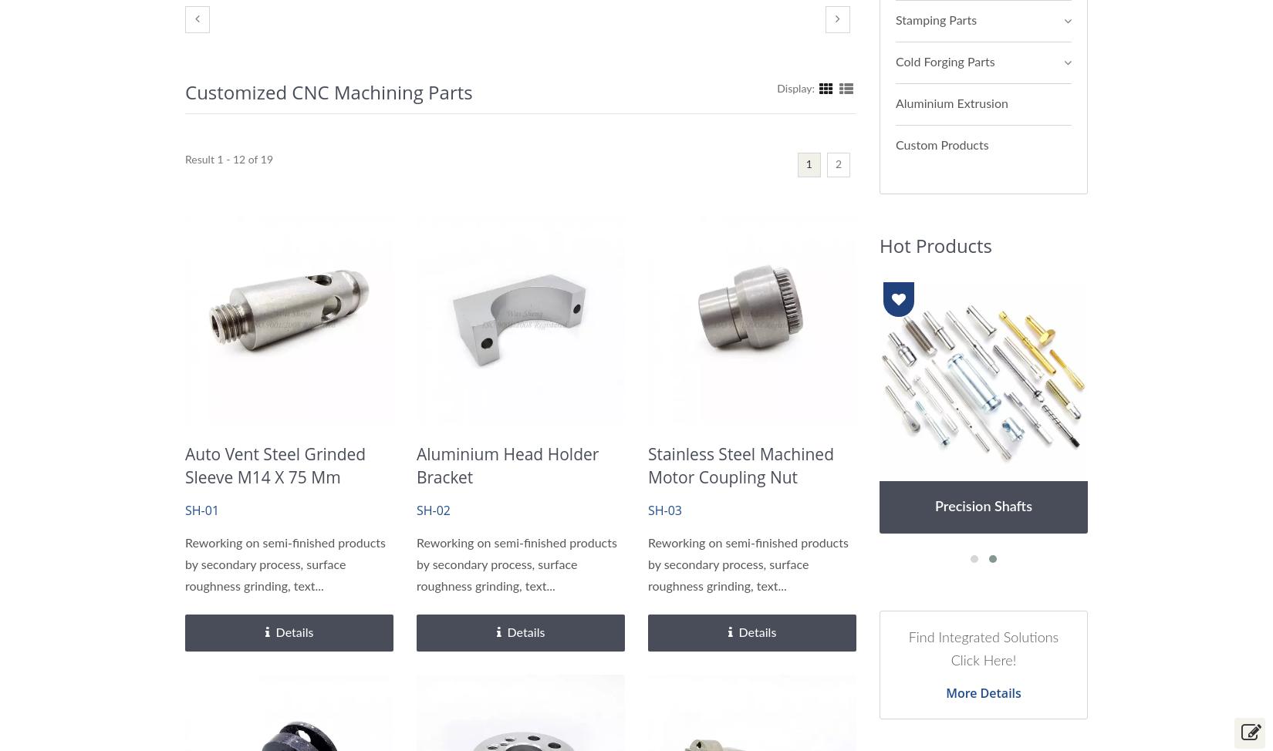 This screenshot has width=1273, height=751. What do you see at coordinates (944, 62) in the screenshot?
I see `'Cold Forging Parts'` at bounding box center [944, 62].